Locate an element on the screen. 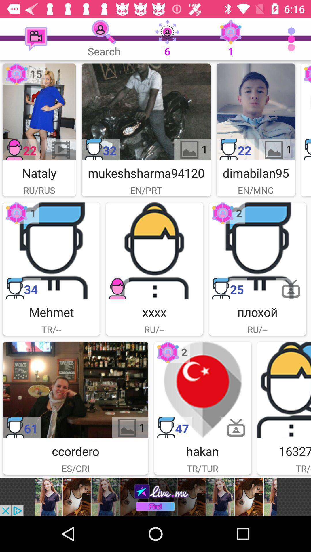 The image size is (311, 552). open profile is located at coordinates (39, 112).